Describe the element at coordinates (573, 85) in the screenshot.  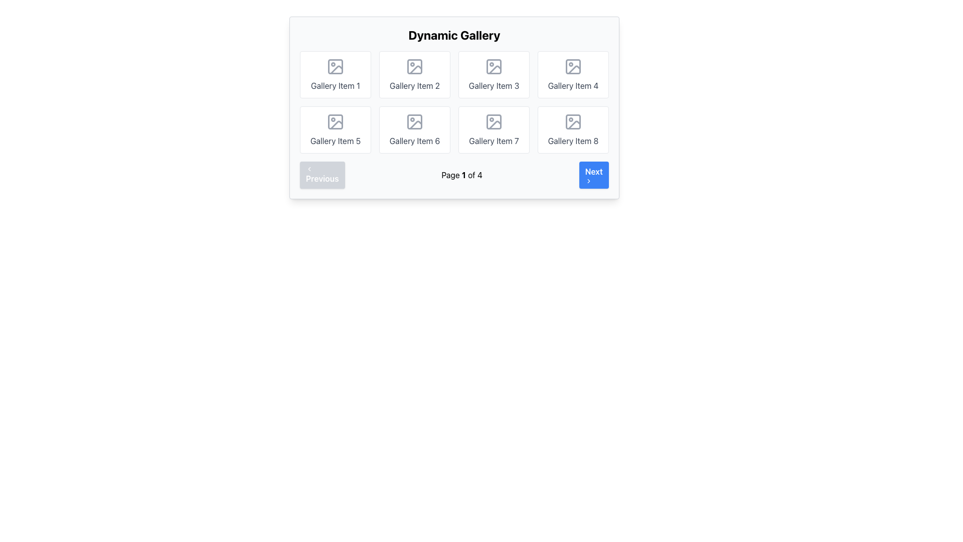
I see `the text label displaying 'Gallery Item 4', which is centered below an image icon` at that location.